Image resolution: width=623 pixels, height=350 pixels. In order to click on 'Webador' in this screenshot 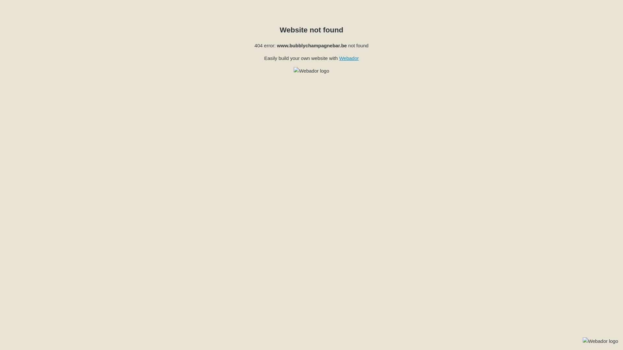, I will do `click(348, 58)`.